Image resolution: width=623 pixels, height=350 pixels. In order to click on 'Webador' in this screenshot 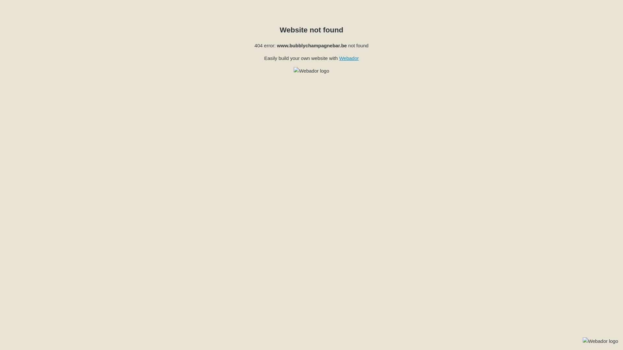, I will do `click(348, 58)`.